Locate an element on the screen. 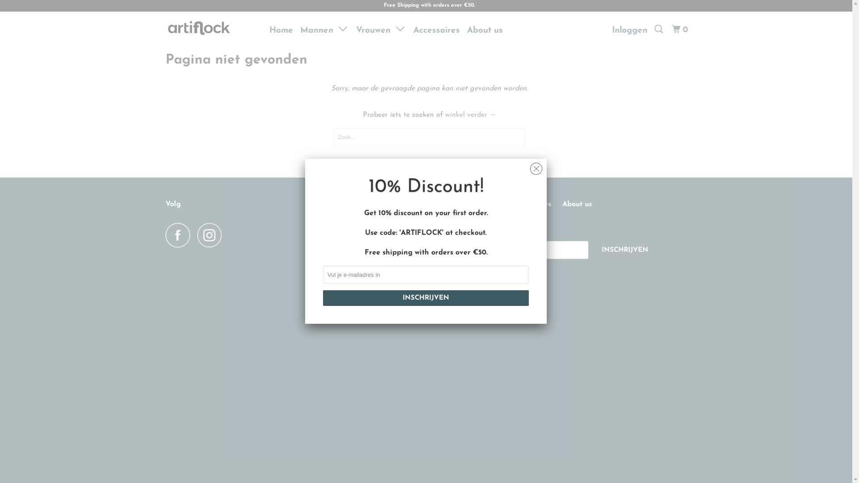 The width and height of the screenshot is (859, 483). 'Home' is located at coordinates (267, 30).